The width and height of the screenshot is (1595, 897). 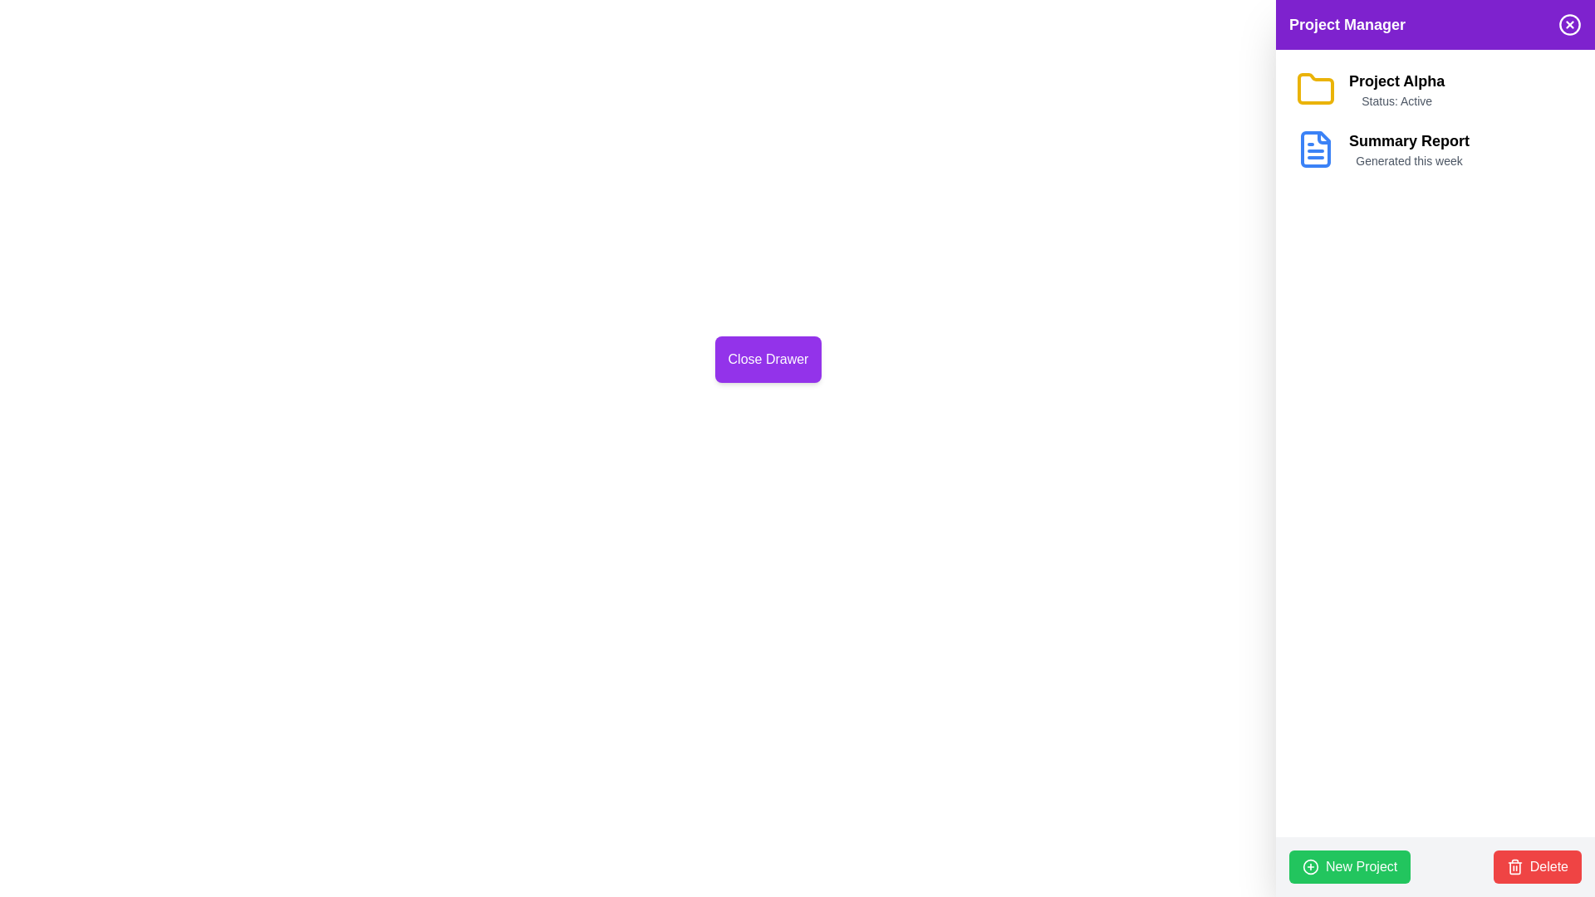 I want to click on the circular close button with a white 'X' symbol located at the top-right corner of the purple header bar labeled 'Project Manager', so click(x=1569, y=25).